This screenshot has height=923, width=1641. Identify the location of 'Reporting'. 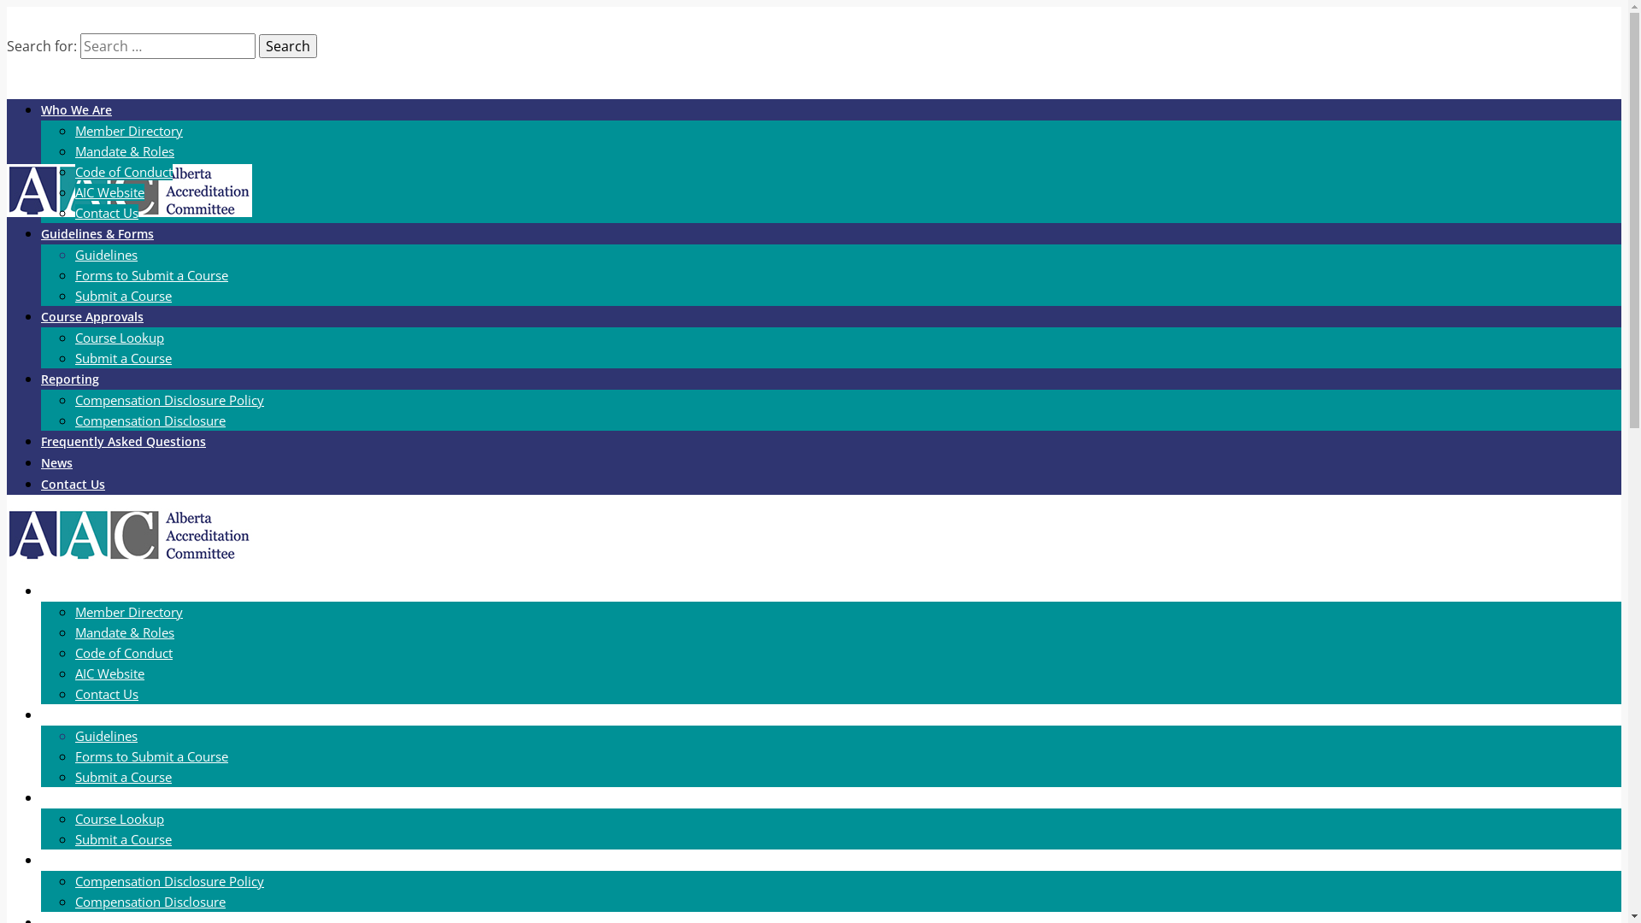
(41, 378).